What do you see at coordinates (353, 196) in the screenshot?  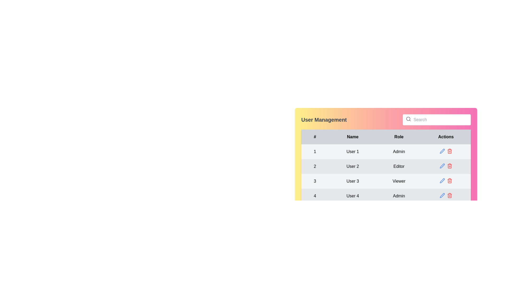 I see `the static text element displaying the name 'User 4' in the fourth row of the user management table` at bounding box center [353, 196].